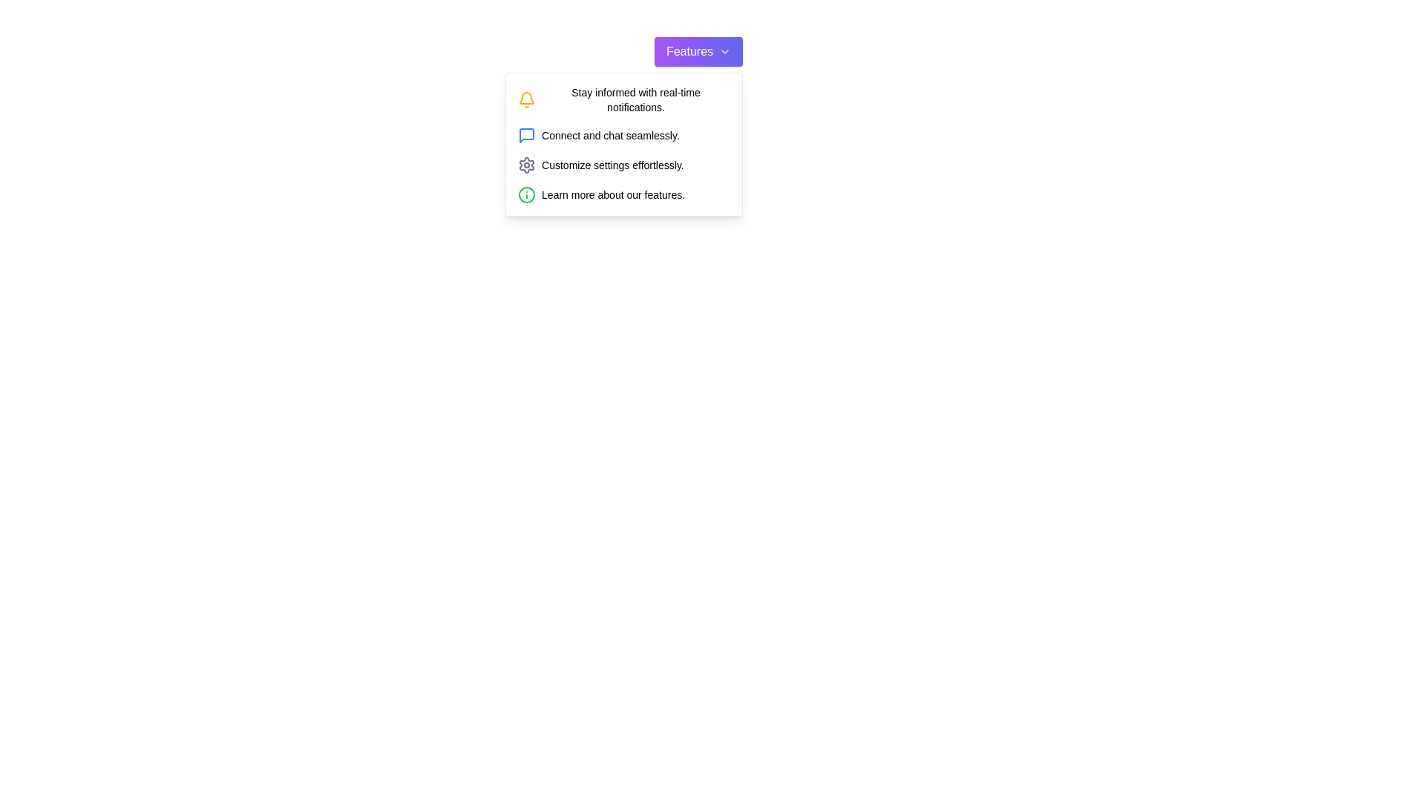  I want to click on the Text with Icon element that features a blue message bubble icon and the text 'Connect and chat seamlessly.' positioned below the first menu item, so click(624, 135).